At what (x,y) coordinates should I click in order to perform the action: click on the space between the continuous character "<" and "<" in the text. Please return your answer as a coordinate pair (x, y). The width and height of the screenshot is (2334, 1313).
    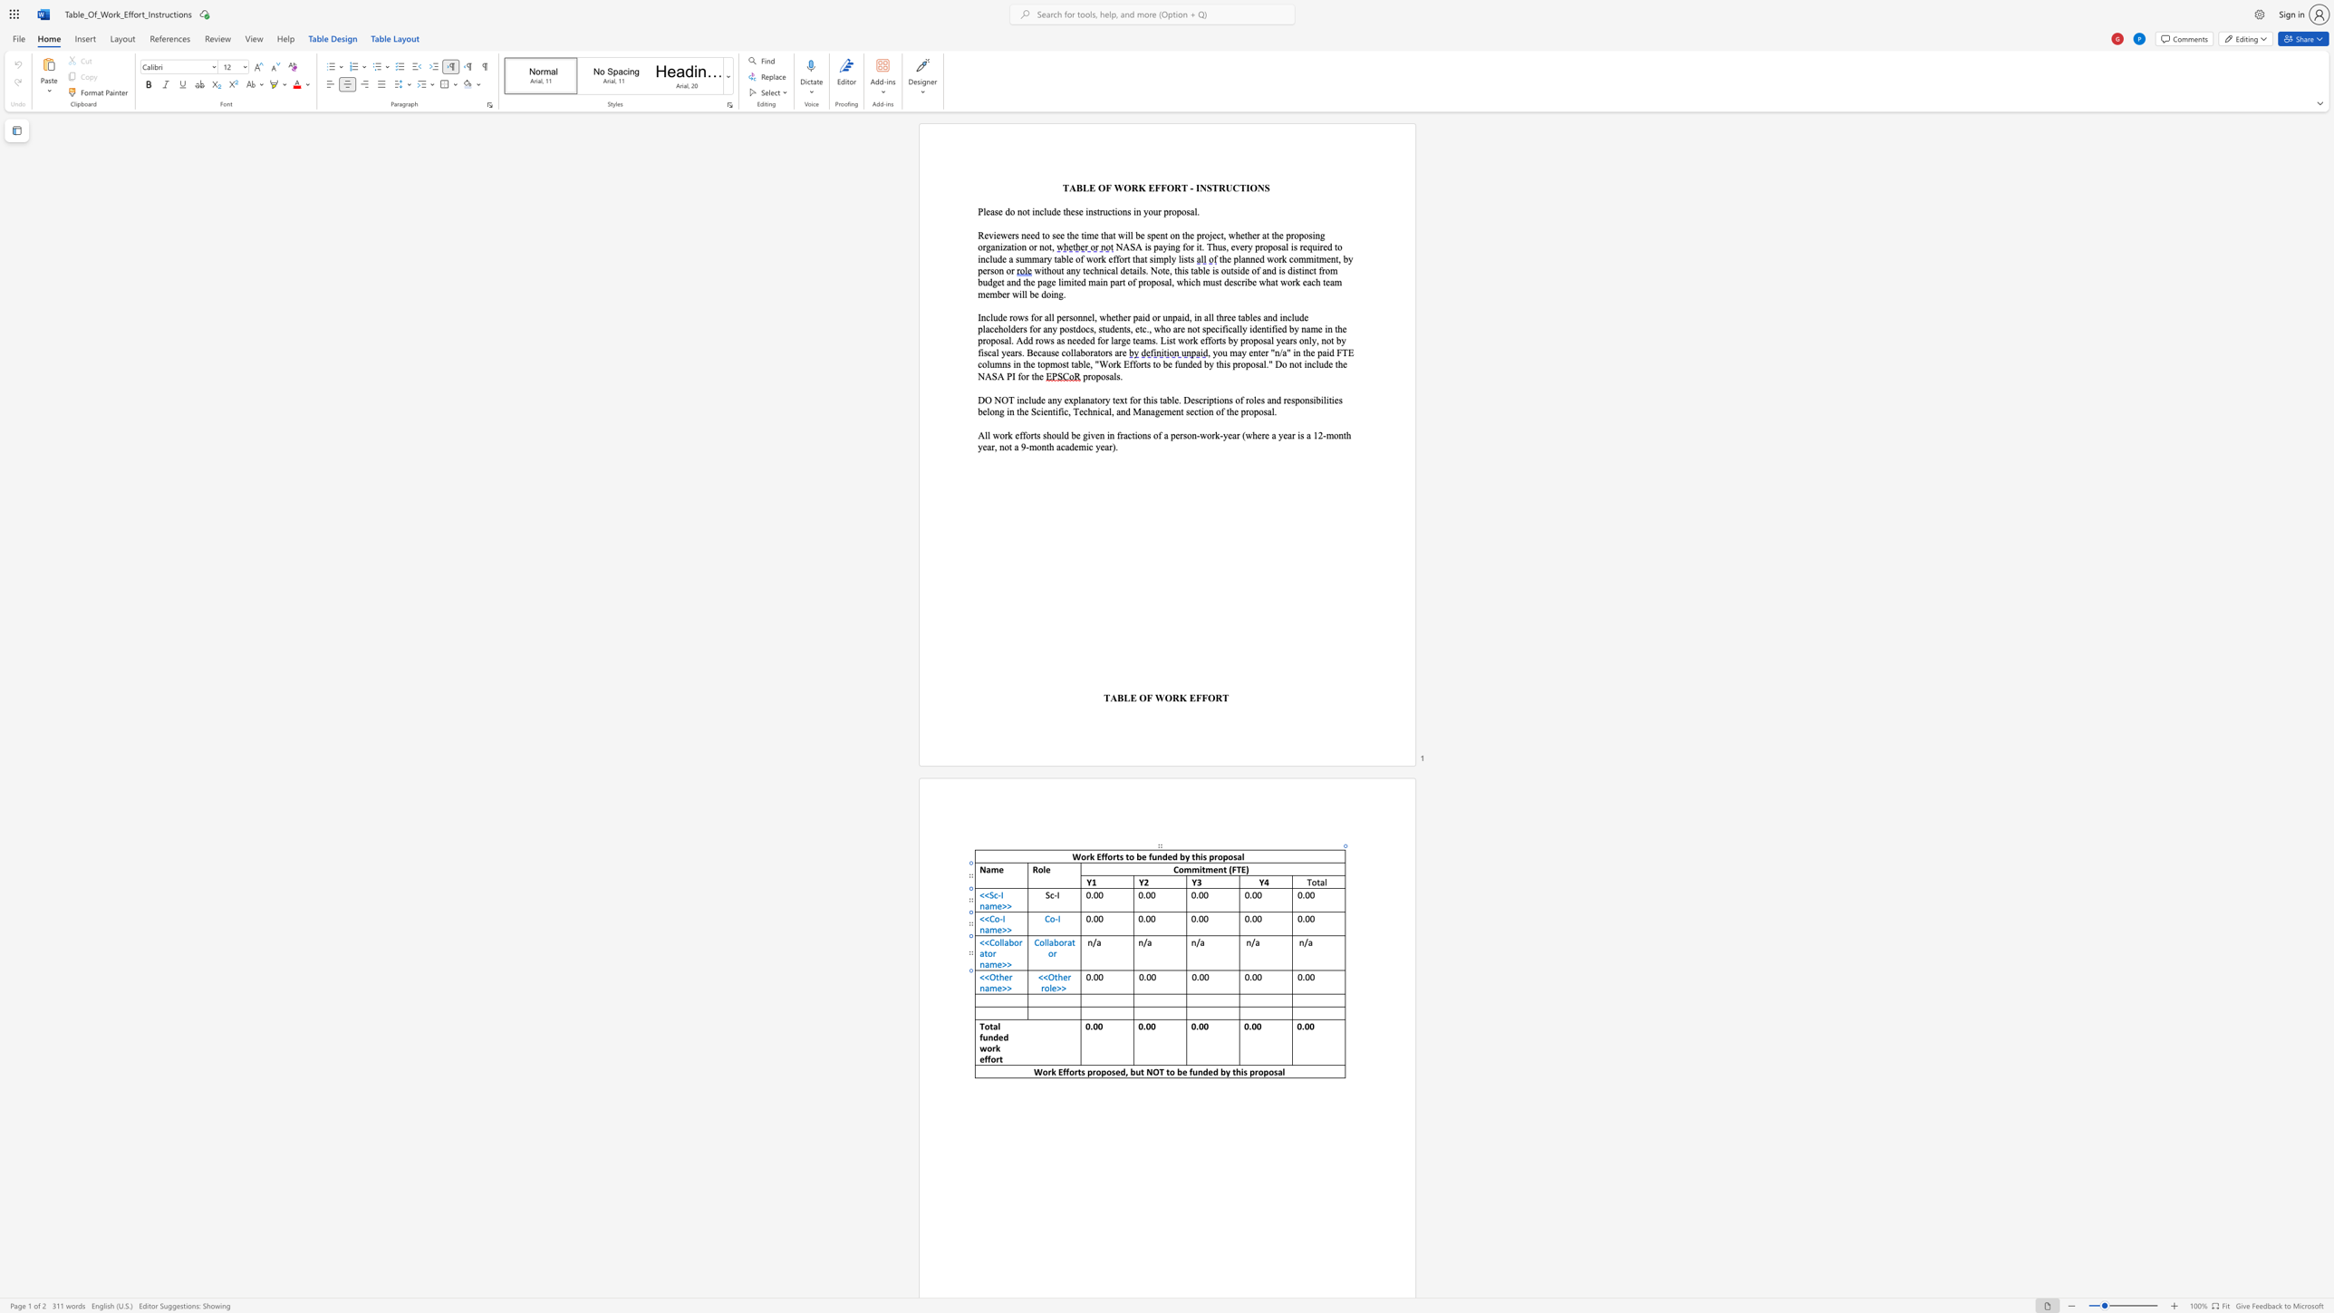
    Looking at the image, I should click on (985, 976).